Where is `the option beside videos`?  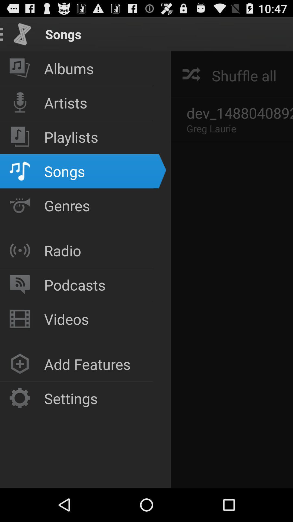
the option beside videos is located at coordinates (20, 319).